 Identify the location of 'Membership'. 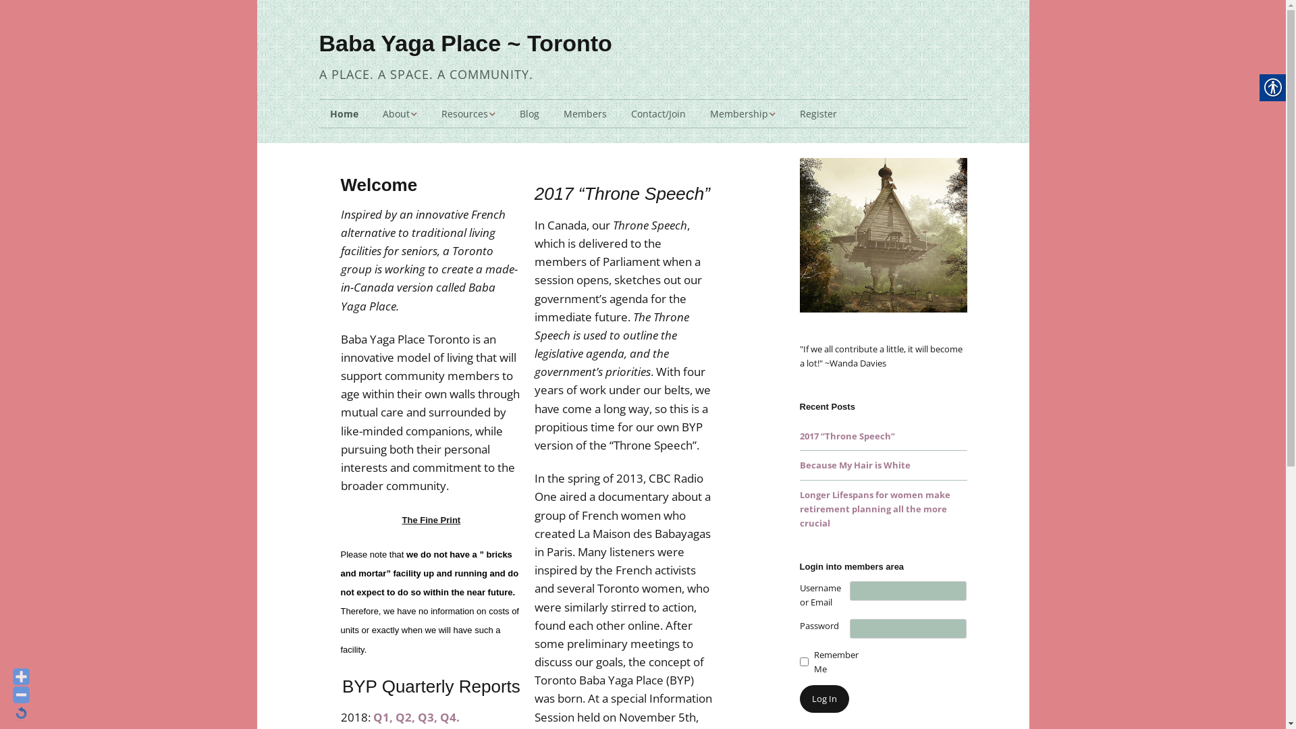
(699, 113).